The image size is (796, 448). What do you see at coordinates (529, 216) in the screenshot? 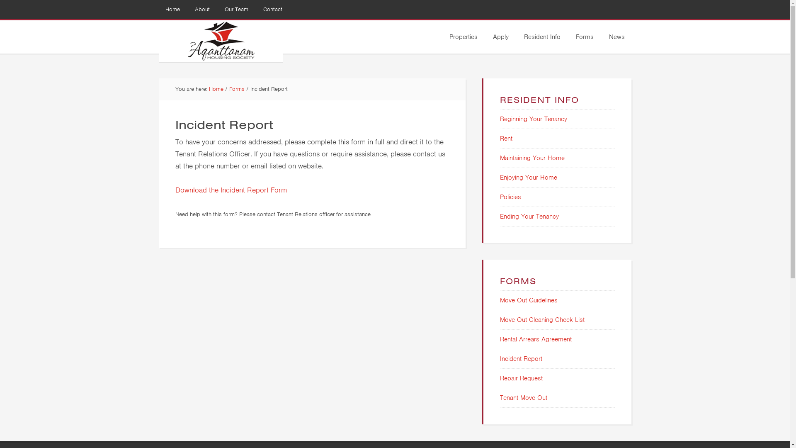
I see `'Ending Your Tenancy'` at bounding box center [529, 216].